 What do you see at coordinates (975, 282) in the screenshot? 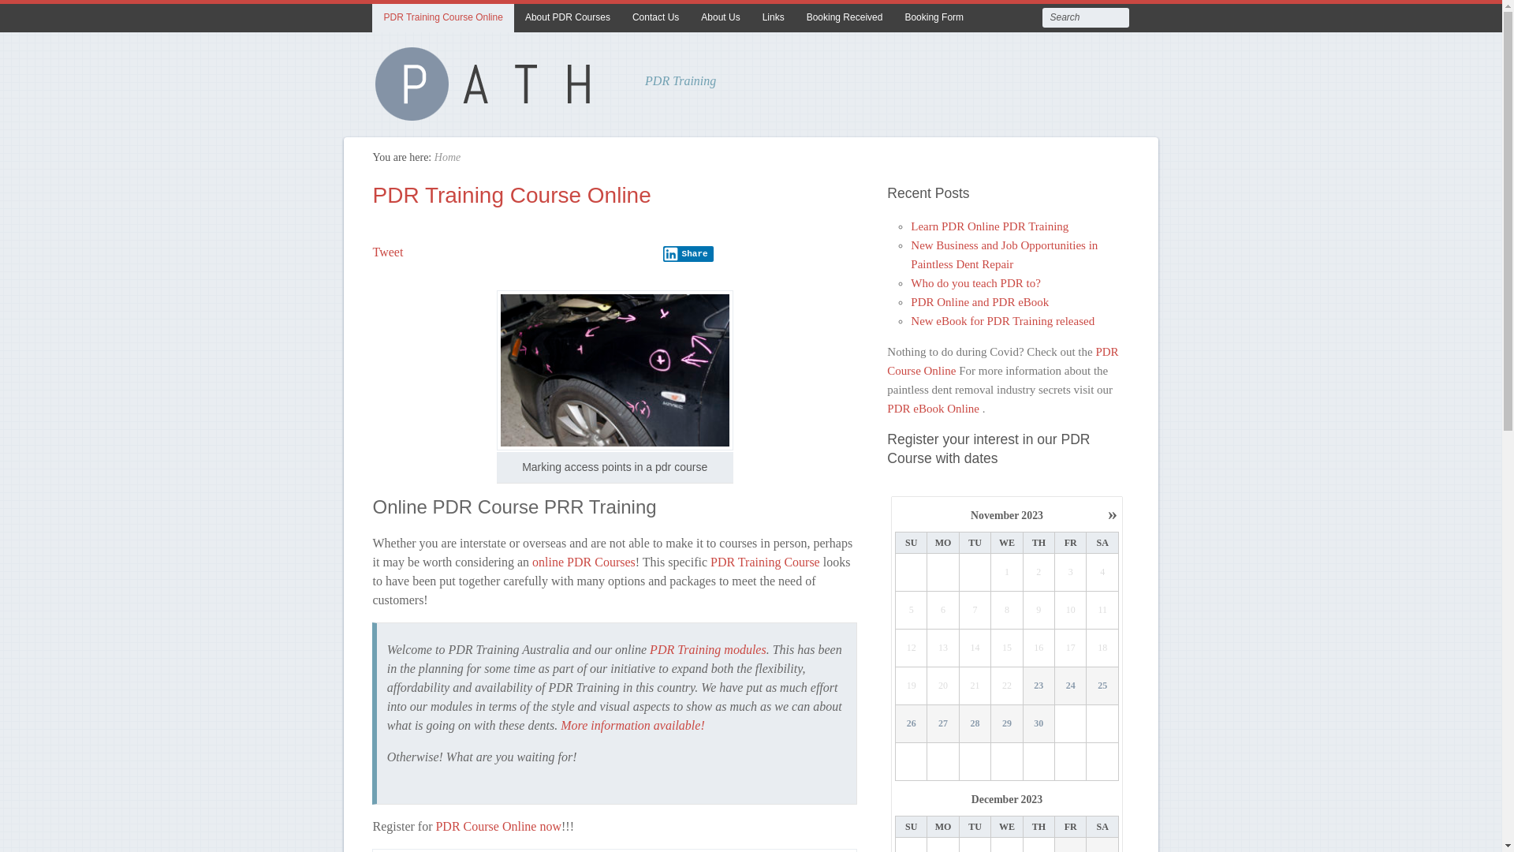
I see `'Who do you teach PDR to?'` at bounding box center [975, 282].